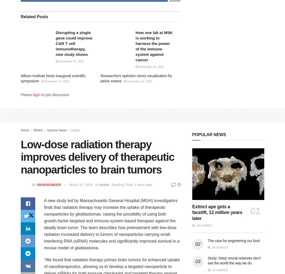  Describe the element at coordinates (40, 95) in the screenshot. I see `'to join discussion'` at that location.